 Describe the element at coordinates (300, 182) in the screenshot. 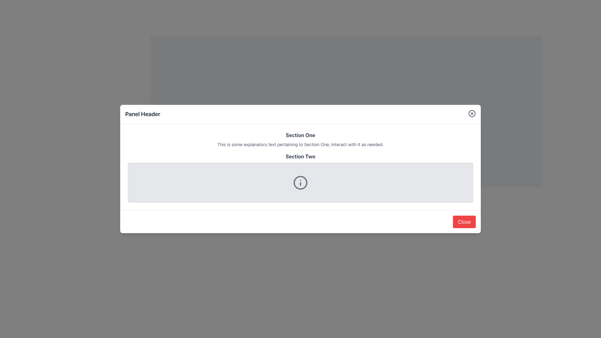

I see `the informative graphical icon located in the center of 'Section Two' area of the interface` at that location.